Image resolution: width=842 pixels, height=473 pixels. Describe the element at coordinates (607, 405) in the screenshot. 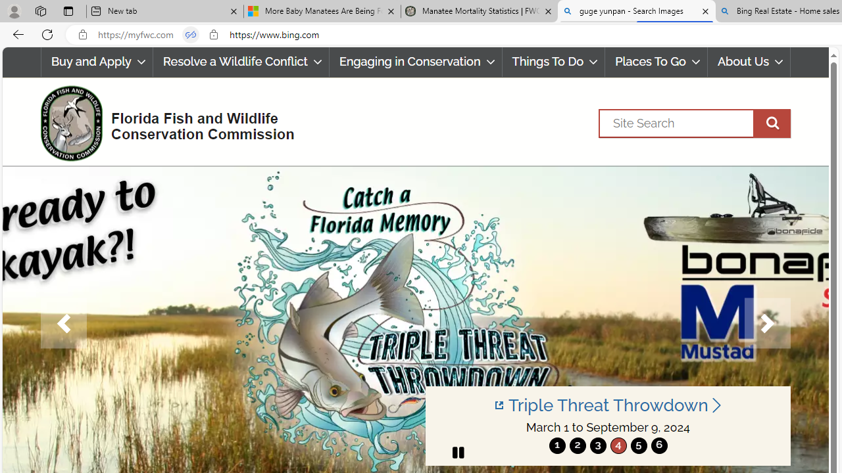

I see `'Triple Threat Throwdown '` at that location.